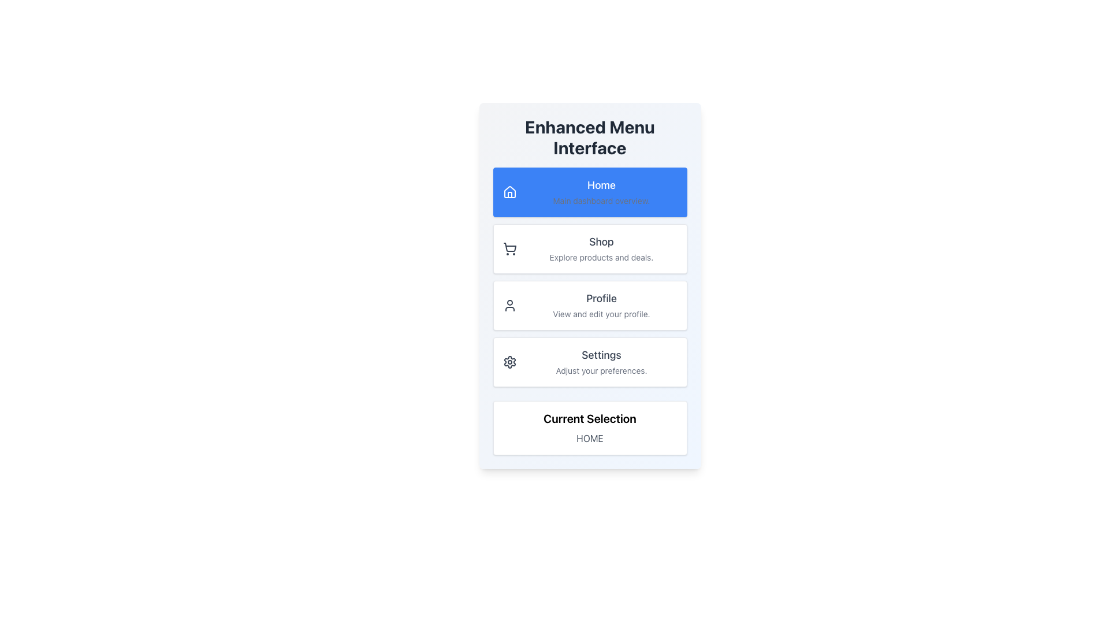 The image size is (1109, 624). Describe the element at coordinates (601, 298) in the screenshot. I see `the 'Profile' static text label styled with a large dark gray font, located in the middle section under the 'Shop' section` at that location.